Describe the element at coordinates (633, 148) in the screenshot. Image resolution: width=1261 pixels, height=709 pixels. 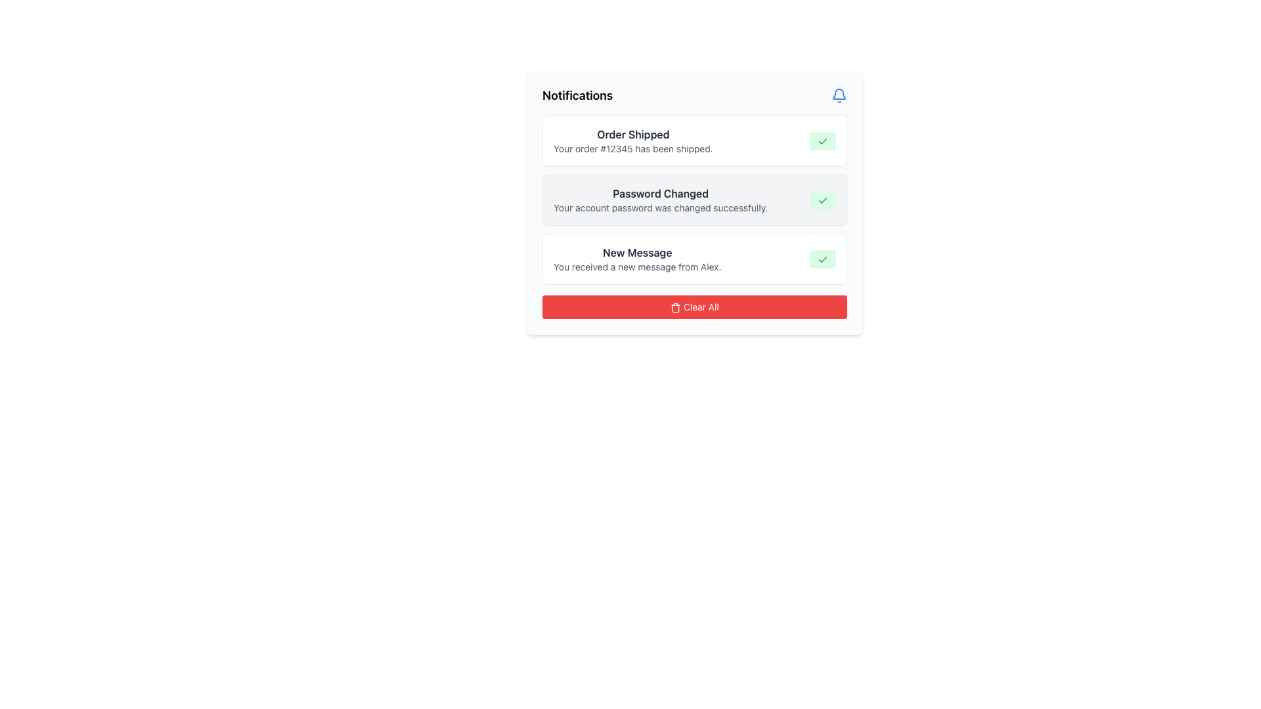
I see `the text element displaying the message 'Your order #12345 has been shipped.' located below the header 'Order Shipped' in the first notification card` at that location.